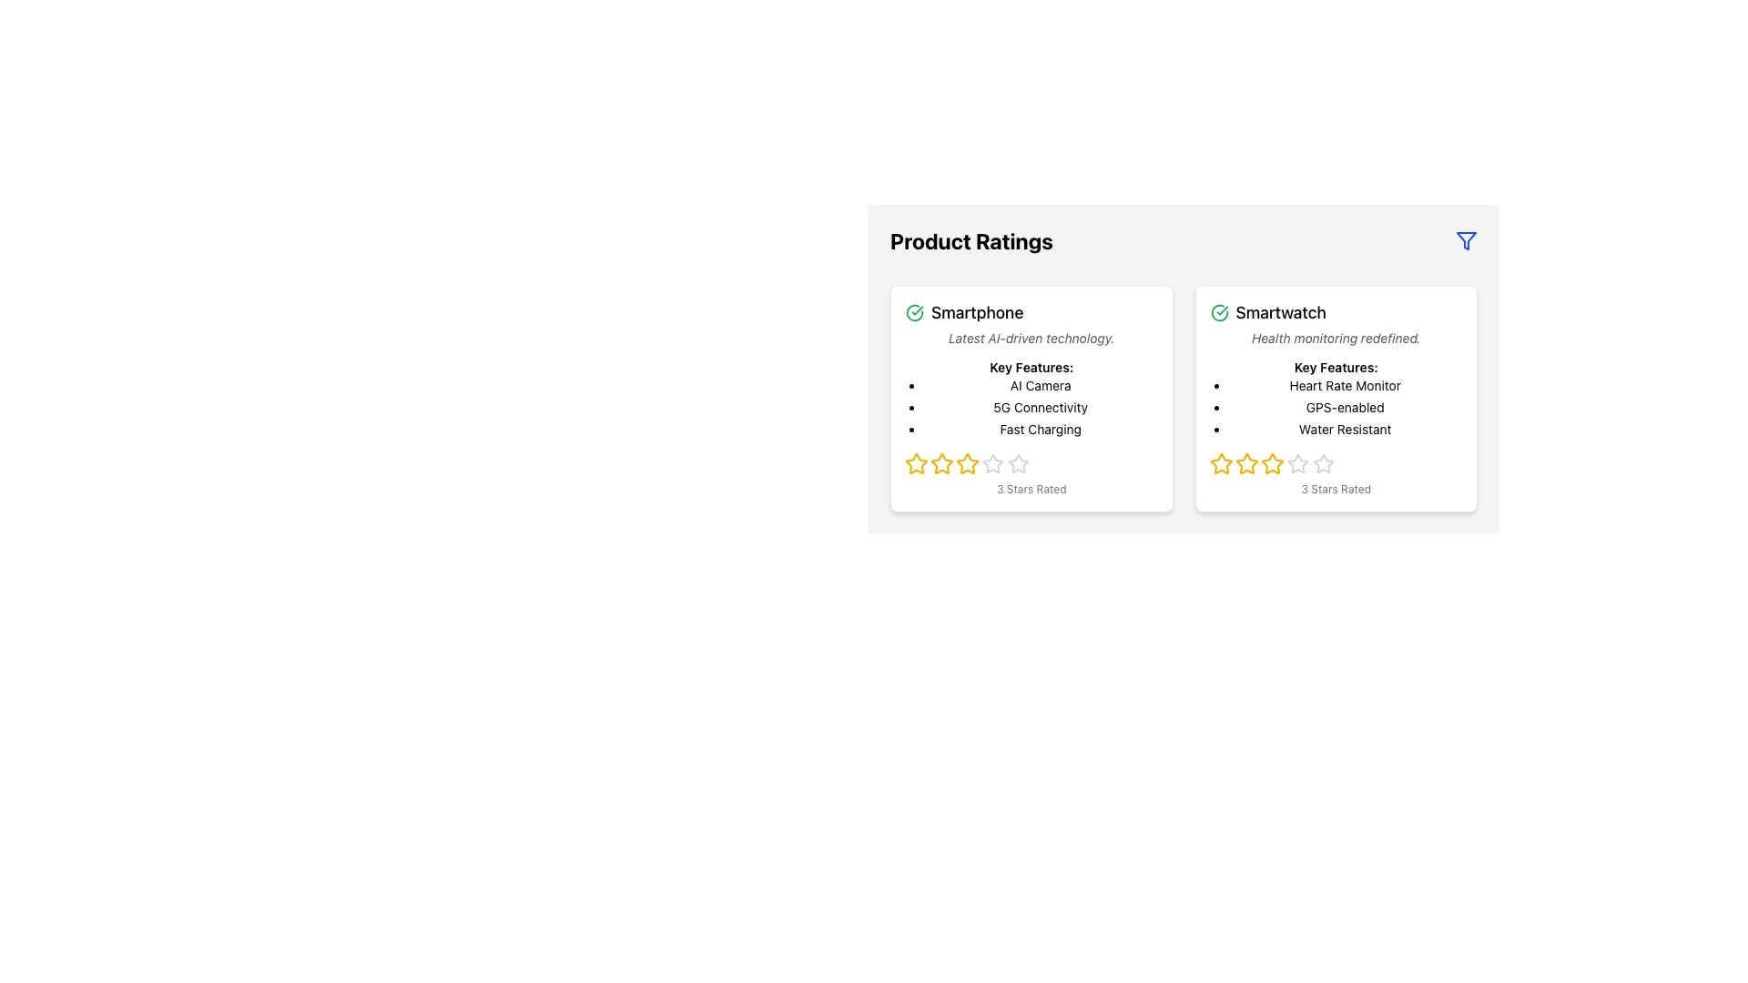 The width and height of the screenshot is (1748, 983). What do you see at coordinates (942, 462) in the screenshot?
I see `the third star icon in the star rating system located underneath the 'Smartphone' card` at bounding box center [942, 462].